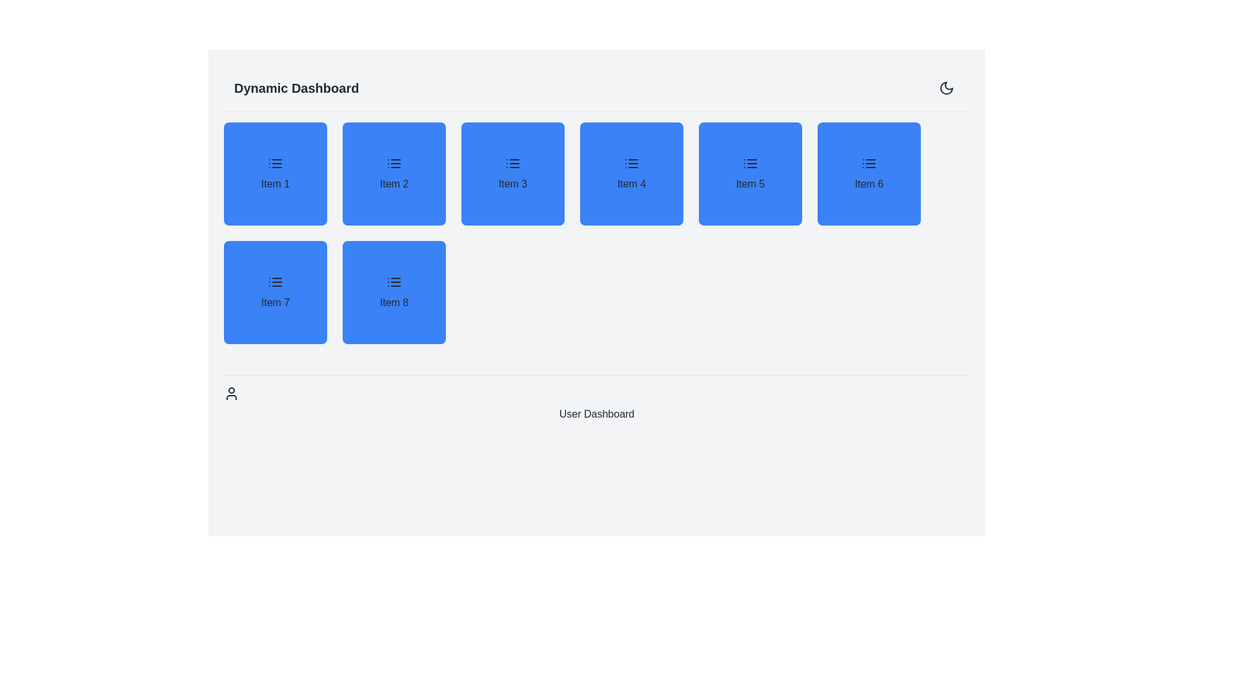 The height and width of the screenshot is (696, 1239). Describe the element at coordinates (275, 174) in the screenshot. I see `the 'Item 1' button located in the first row and first column of the grid, immediately to the right of the 'Dynamic Dashboard' heading, to interact with it` at that location.